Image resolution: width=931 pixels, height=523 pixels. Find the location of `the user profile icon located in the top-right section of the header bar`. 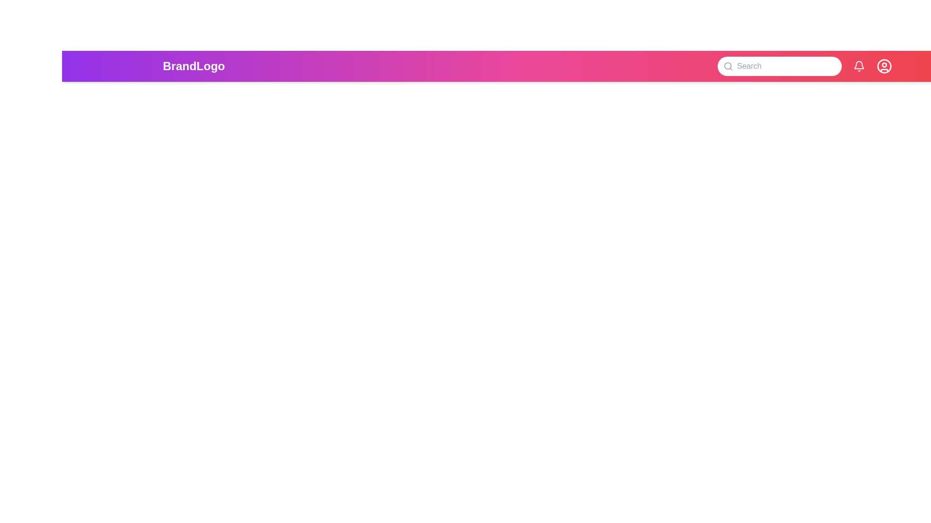

the user profile icon located in the top-right section of the header bar is located at coordinates (884, 66).